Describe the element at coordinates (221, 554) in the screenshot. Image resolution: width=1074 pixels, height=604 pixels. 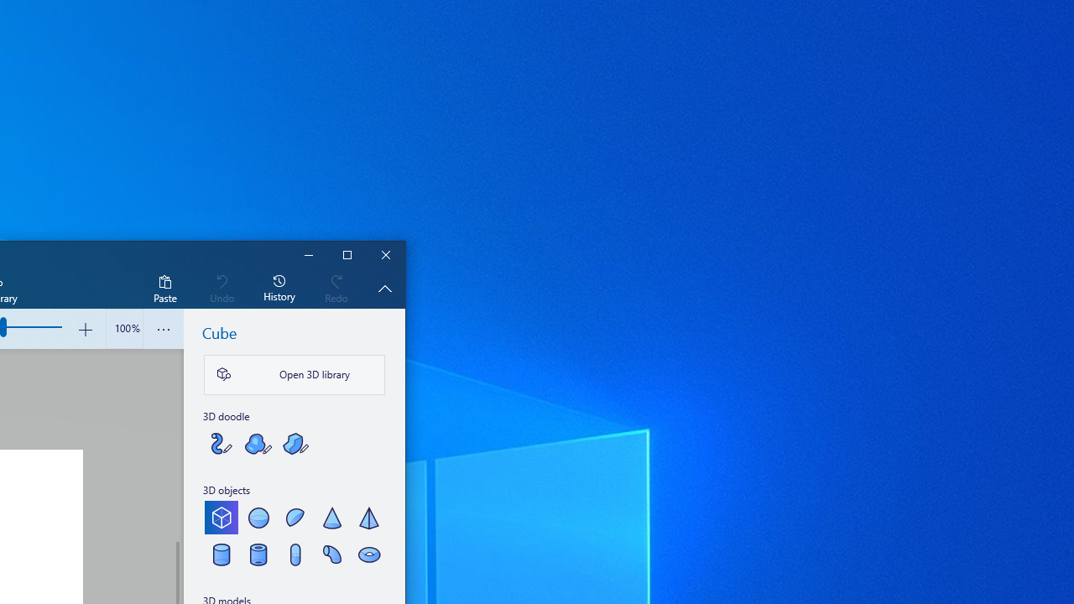
I see `'Cylinder'` at that location.